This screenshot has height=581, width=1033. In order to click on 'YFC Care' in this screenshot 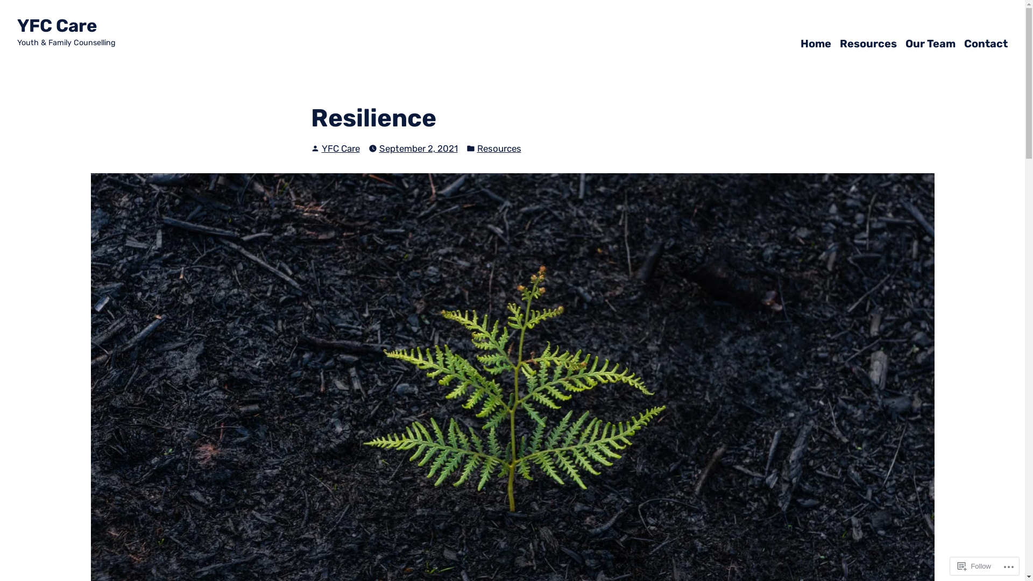, I will do `click(321, 148)`.